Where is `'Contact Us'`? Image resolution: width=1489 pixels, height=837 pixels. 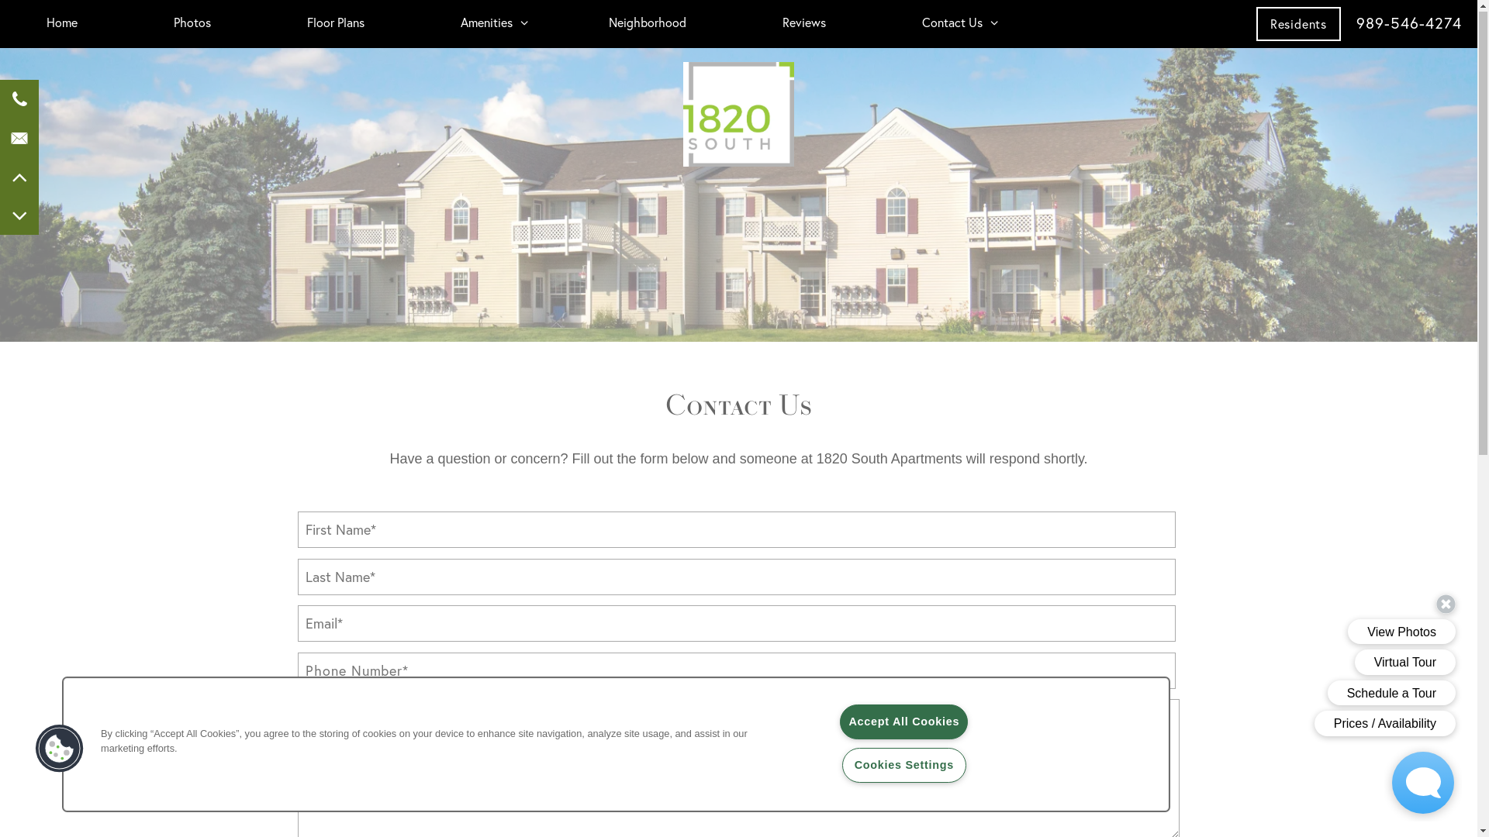 'Contact Us' is located at coordinates (952, 23).